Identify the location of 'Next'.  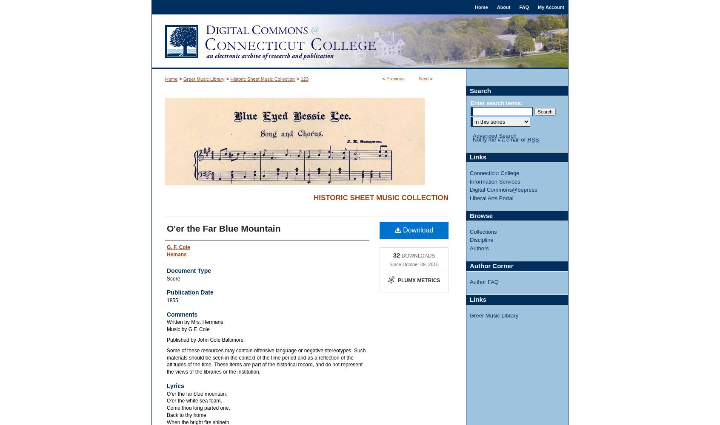
(419, 79).